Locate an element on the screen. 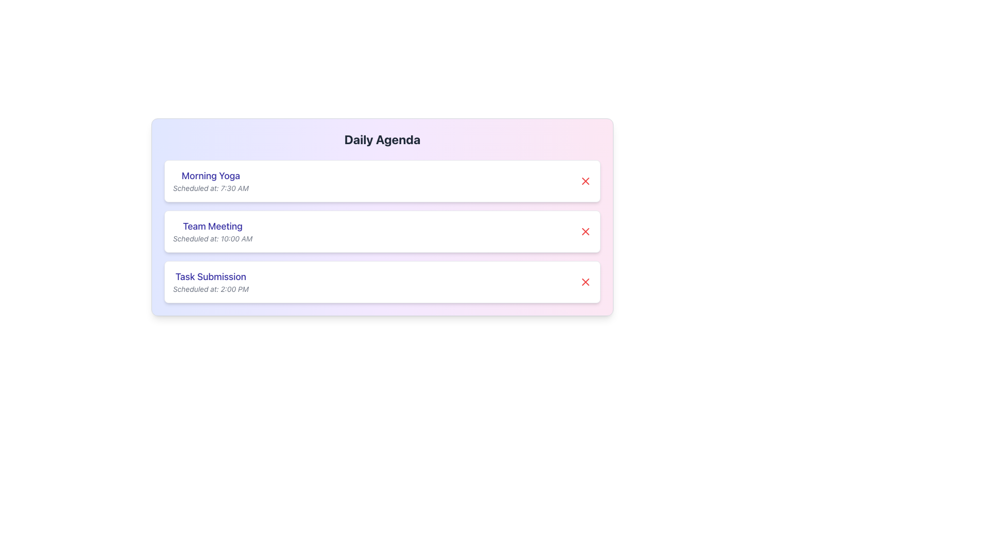  the 'Morning Yoga' text label, which is displayed in bold indigo blue font at the top-left of a white card with rounded corners is located at coordinates (210, 176).